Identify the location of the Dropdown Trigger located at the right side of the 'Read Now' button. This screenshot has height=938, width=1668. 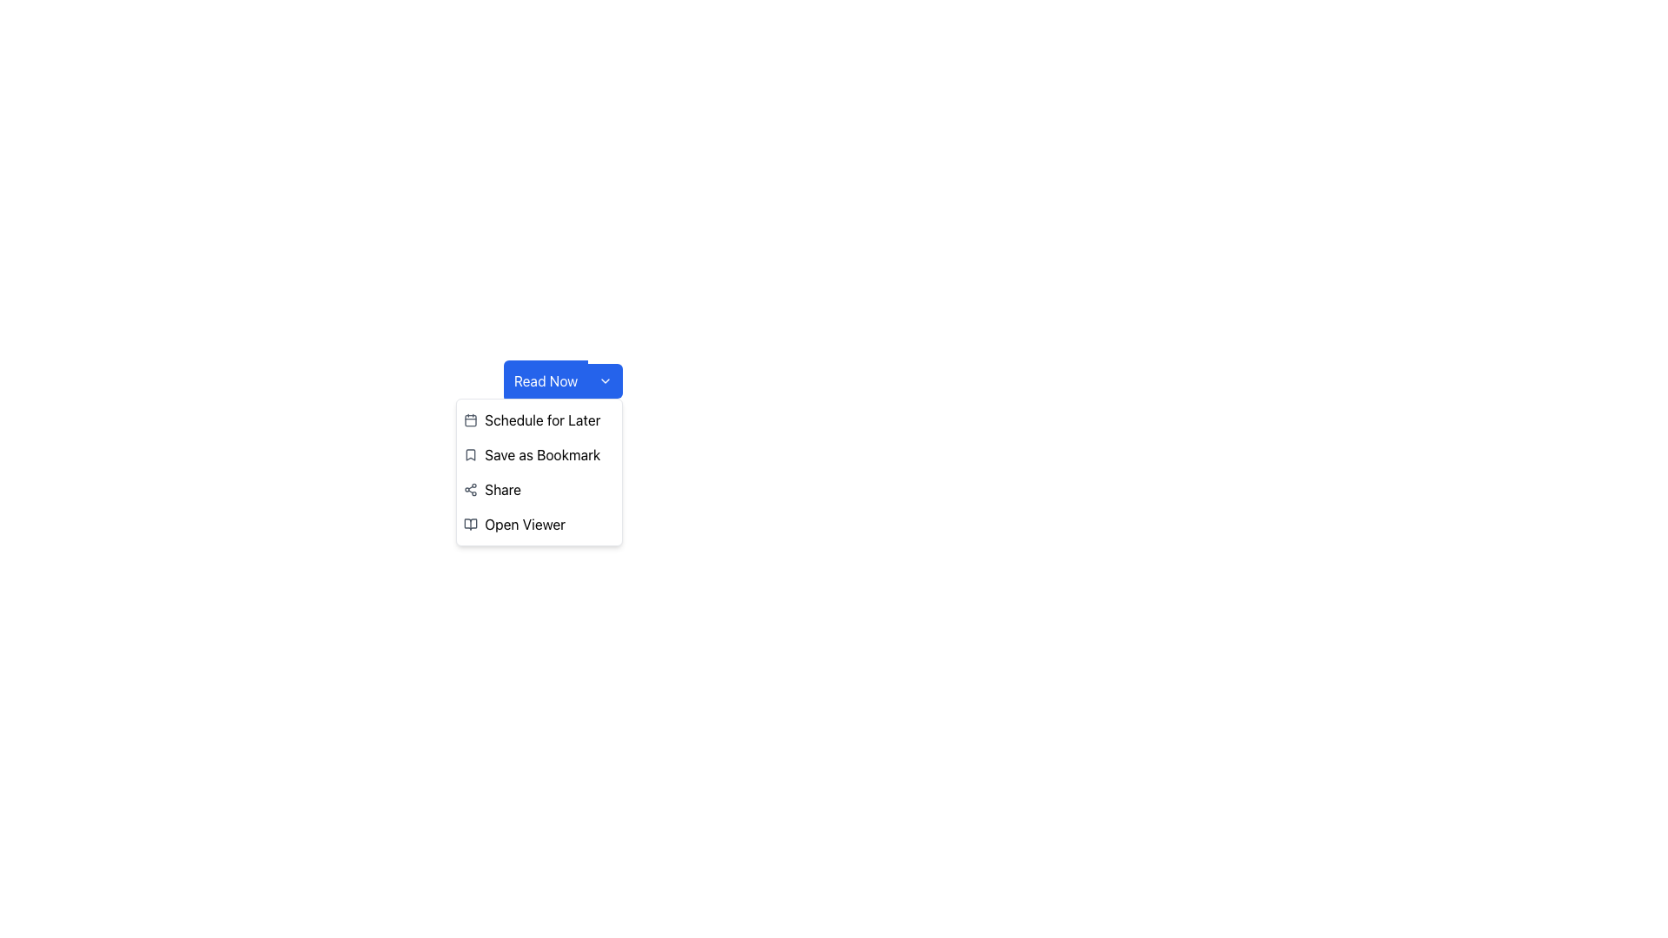
(605, 380).